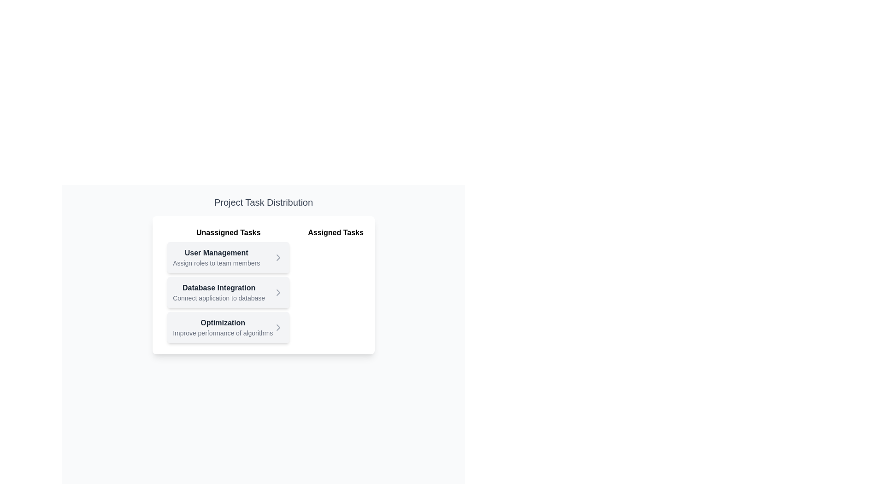 The height and width of the screenshot is (497, 885). I want to click on arrow button next to the task titled Optimization in the Unassigned Tasks list, so click(278, 327).